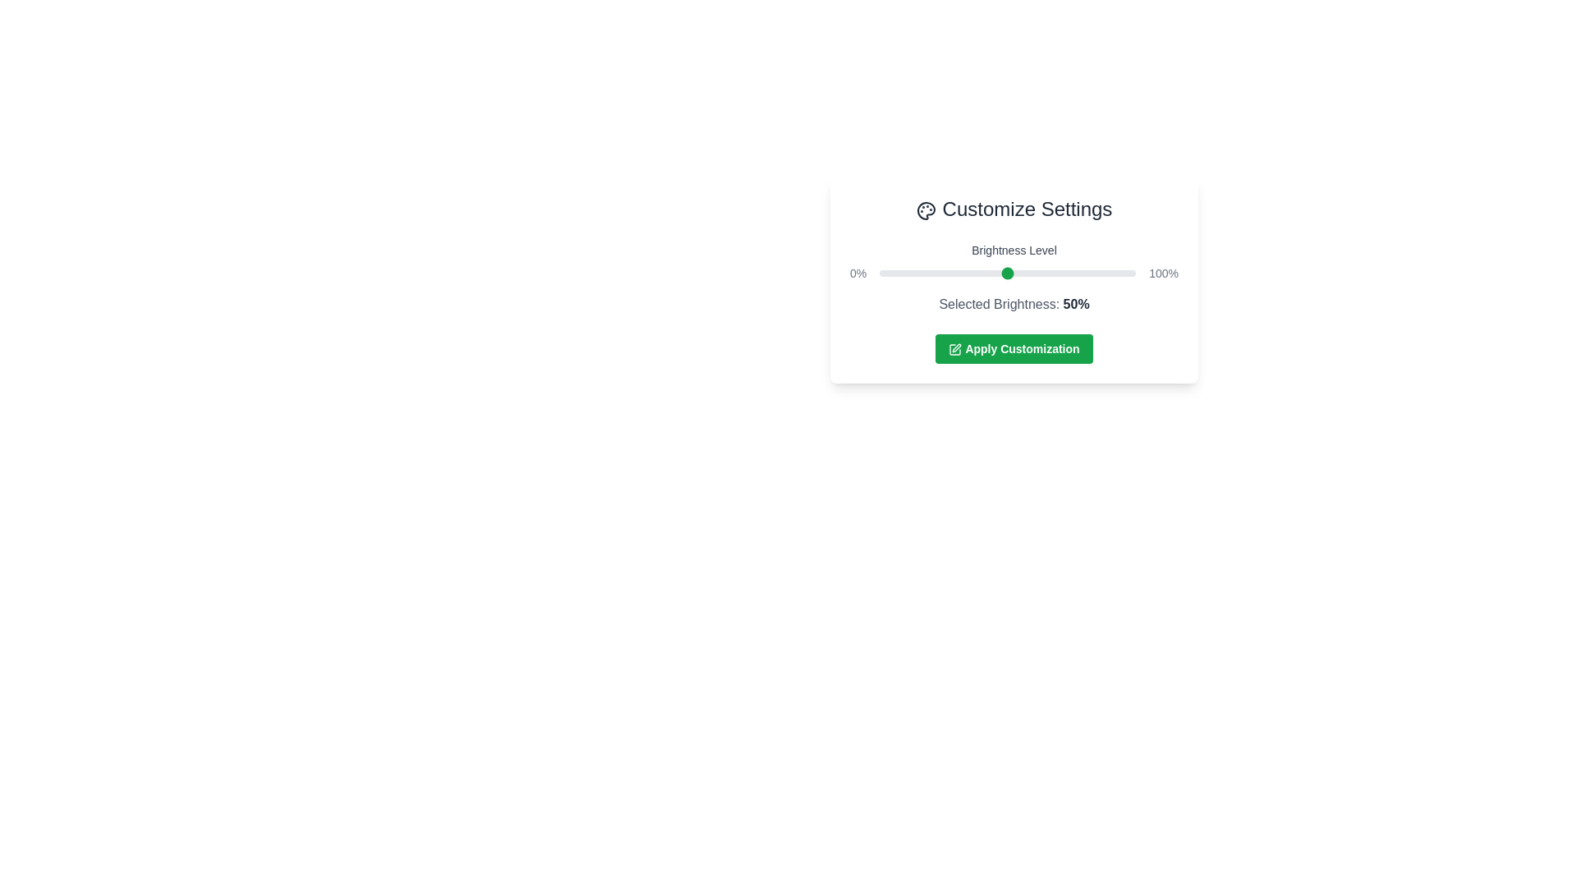  I want to click on brightness level, so click(1129, 272).